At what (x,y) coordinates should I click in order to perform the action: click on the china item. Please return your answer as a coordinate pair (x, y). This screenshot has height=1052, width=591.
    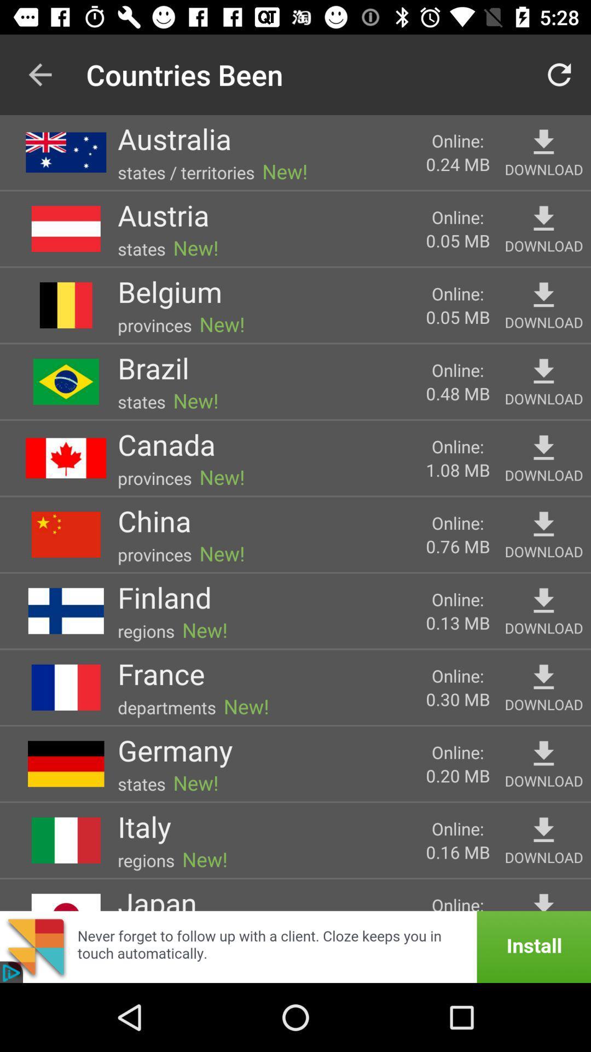
    Looking at the image, I should click on (154, 520).